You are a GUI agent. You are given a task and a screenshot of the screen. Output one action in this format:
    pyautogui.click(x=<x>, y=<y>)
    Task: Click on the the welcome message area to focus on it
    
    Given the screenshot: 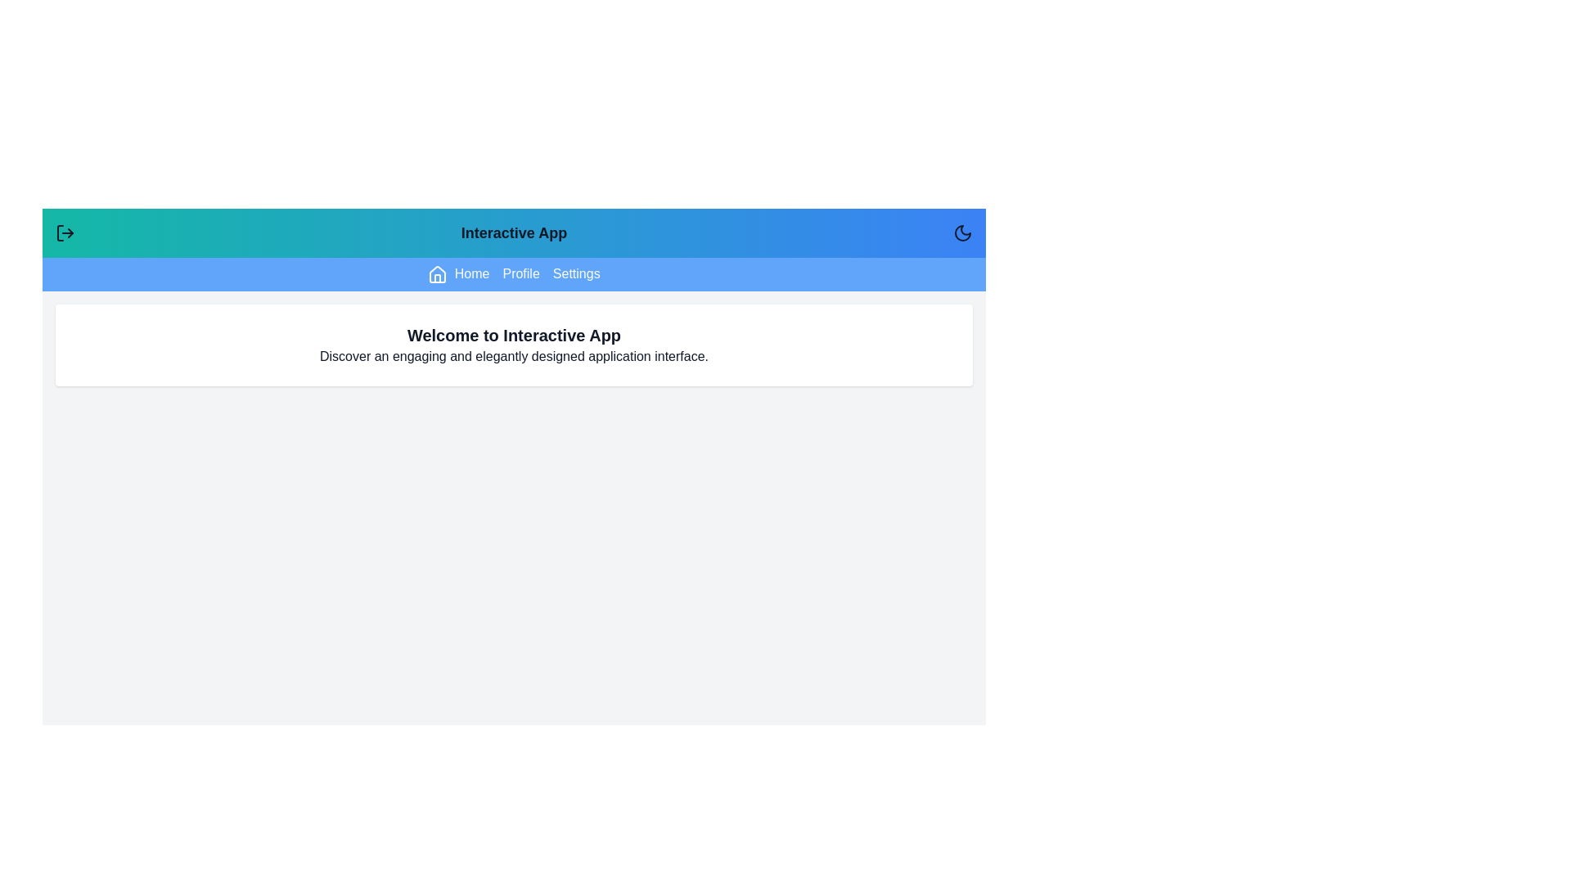 What is the action you would take?
    pyautogui.click(x=513, y=344)
    